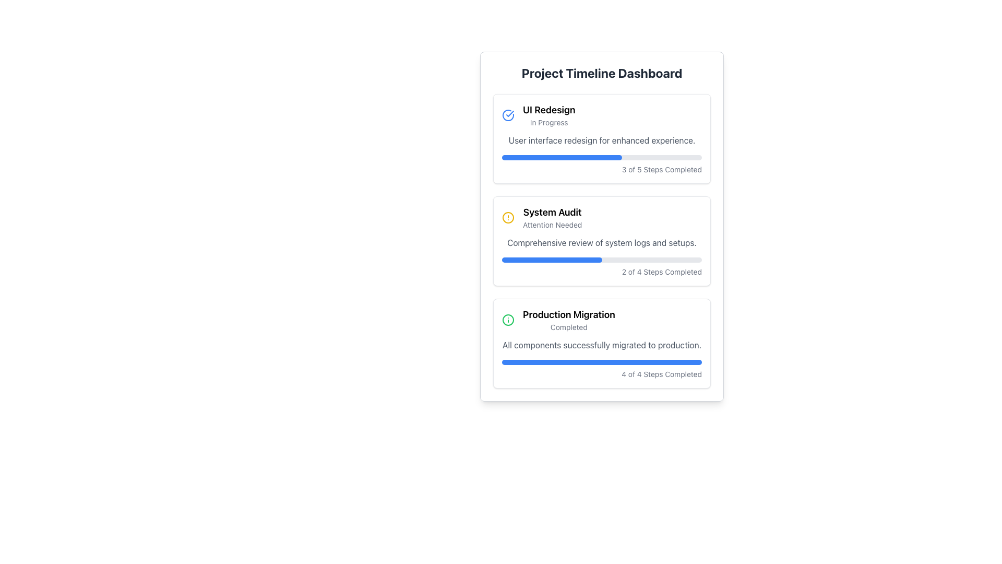  What do you see at coordinates (602, 115) in the screenshot?
I see `the 'In Progress' status indicator for the 'UI Redesign' task located at the top of the first card in the 'Project Timeline Dashboard'` at bounding box center [602, 115].